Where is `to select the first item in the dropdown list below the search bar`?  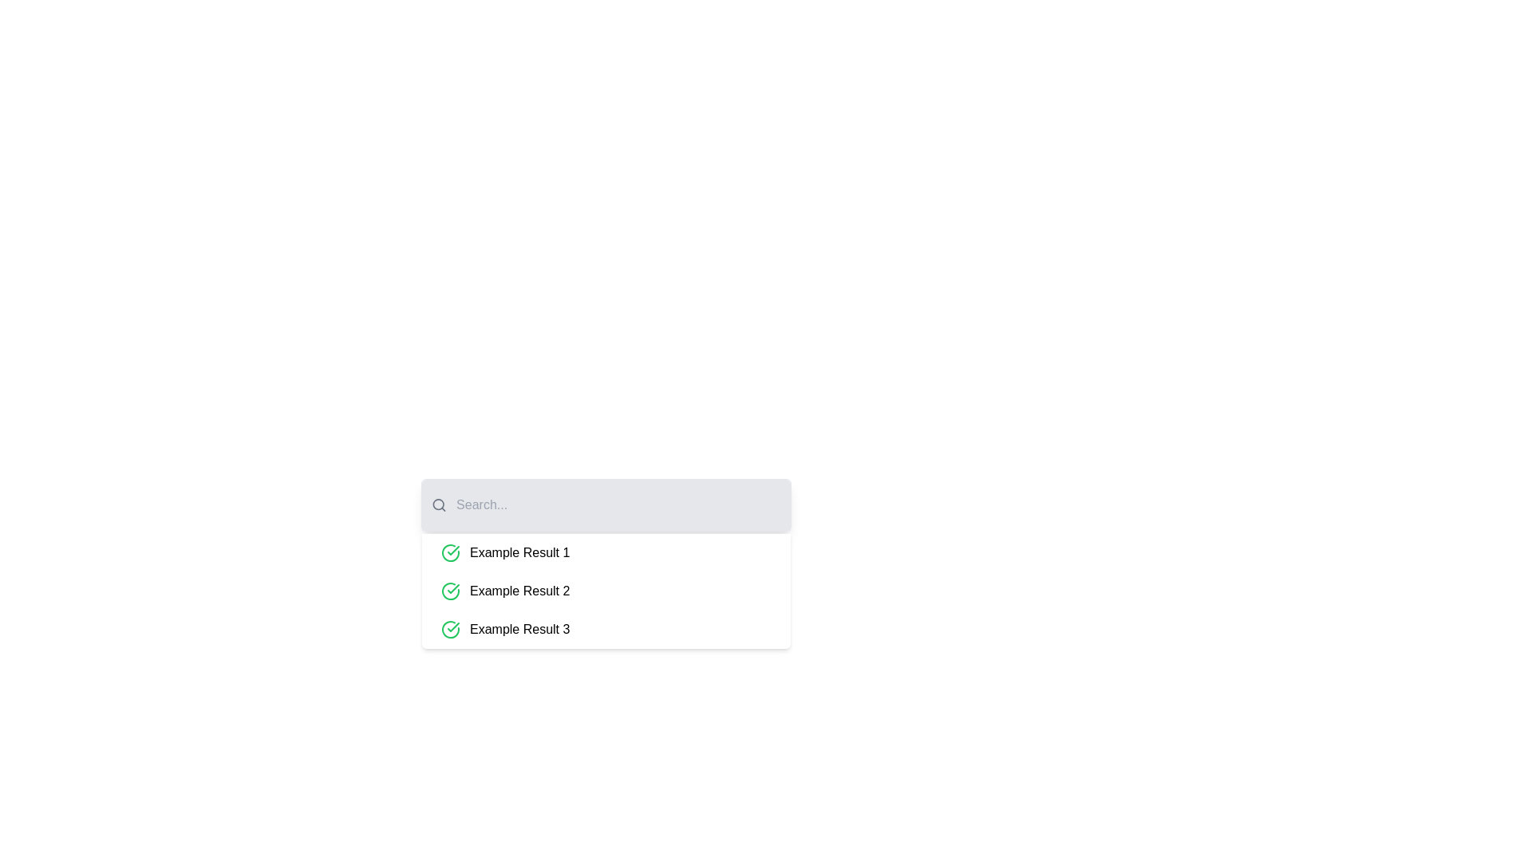
to select the first item in the dropdown list below the search bar is located at coordinates (605, 552).